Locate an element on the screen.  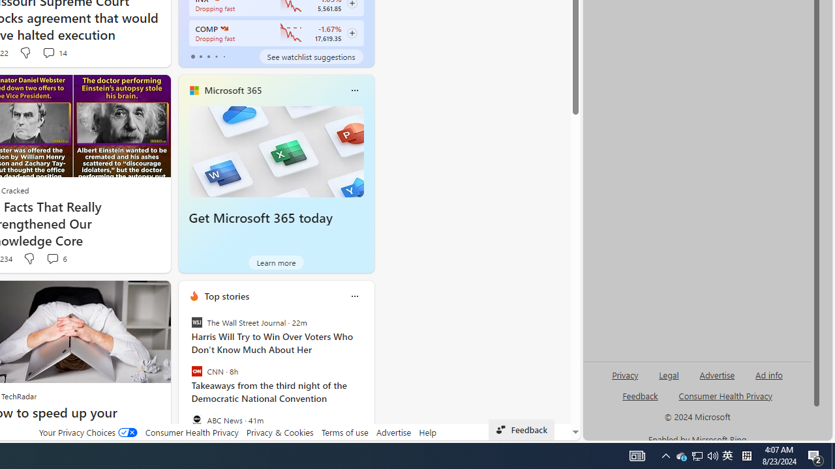
'previous' is located at coordinates (184, 380).